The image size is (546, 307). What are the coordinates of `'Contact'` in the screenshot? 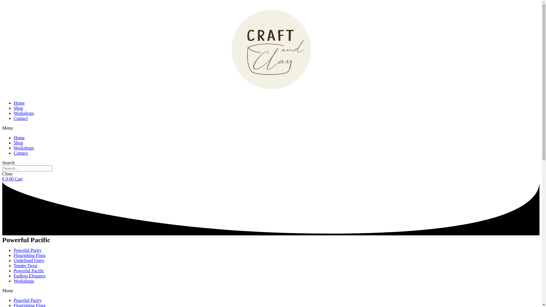 It's located at (20, 153).